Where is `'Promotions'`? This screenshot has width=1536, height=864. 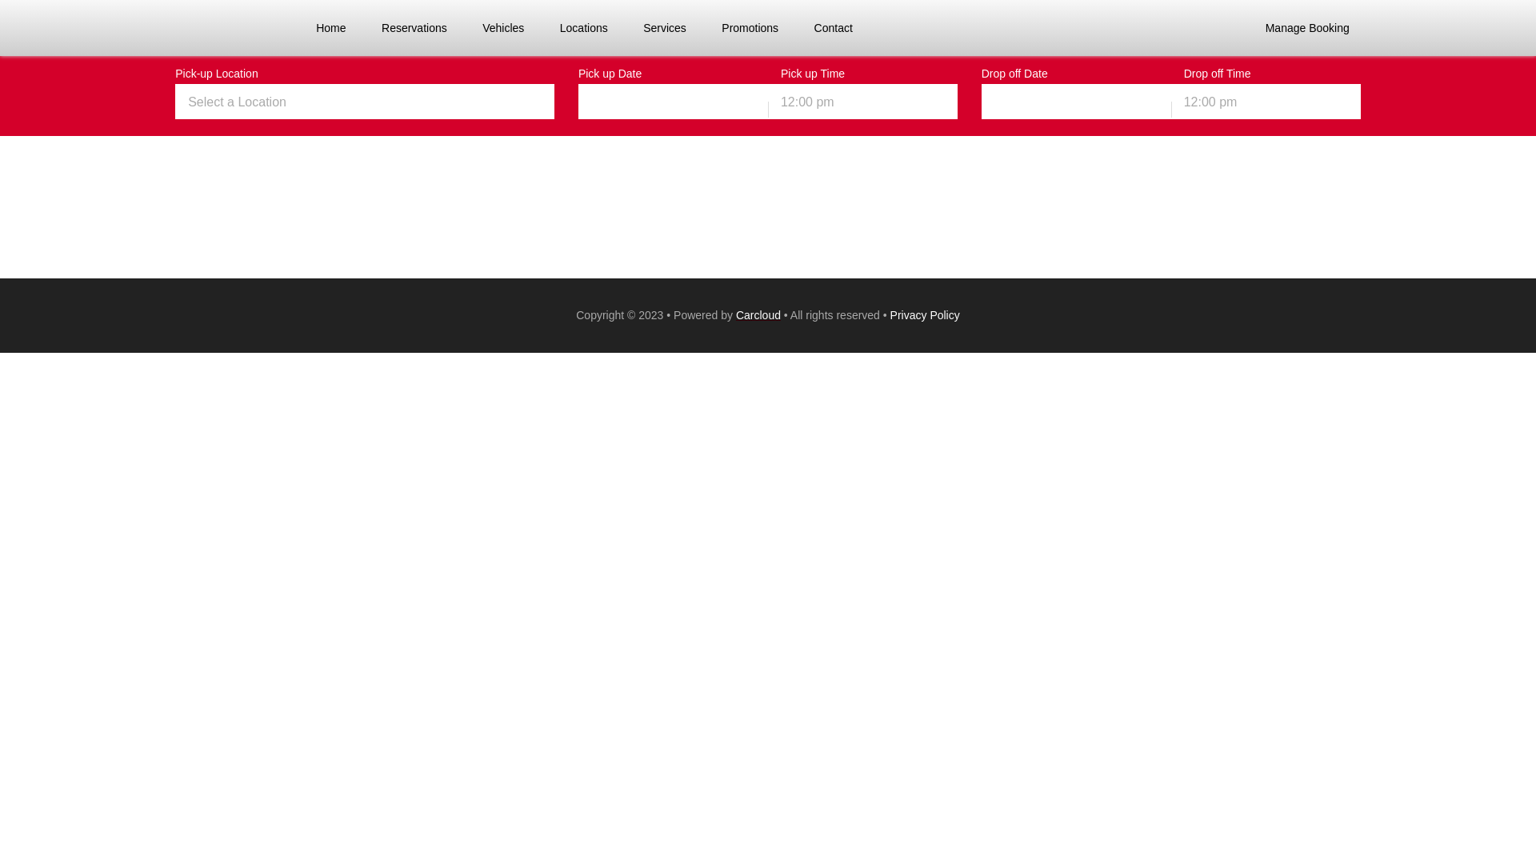 'Promotions' is located at coordinates (749, 27).